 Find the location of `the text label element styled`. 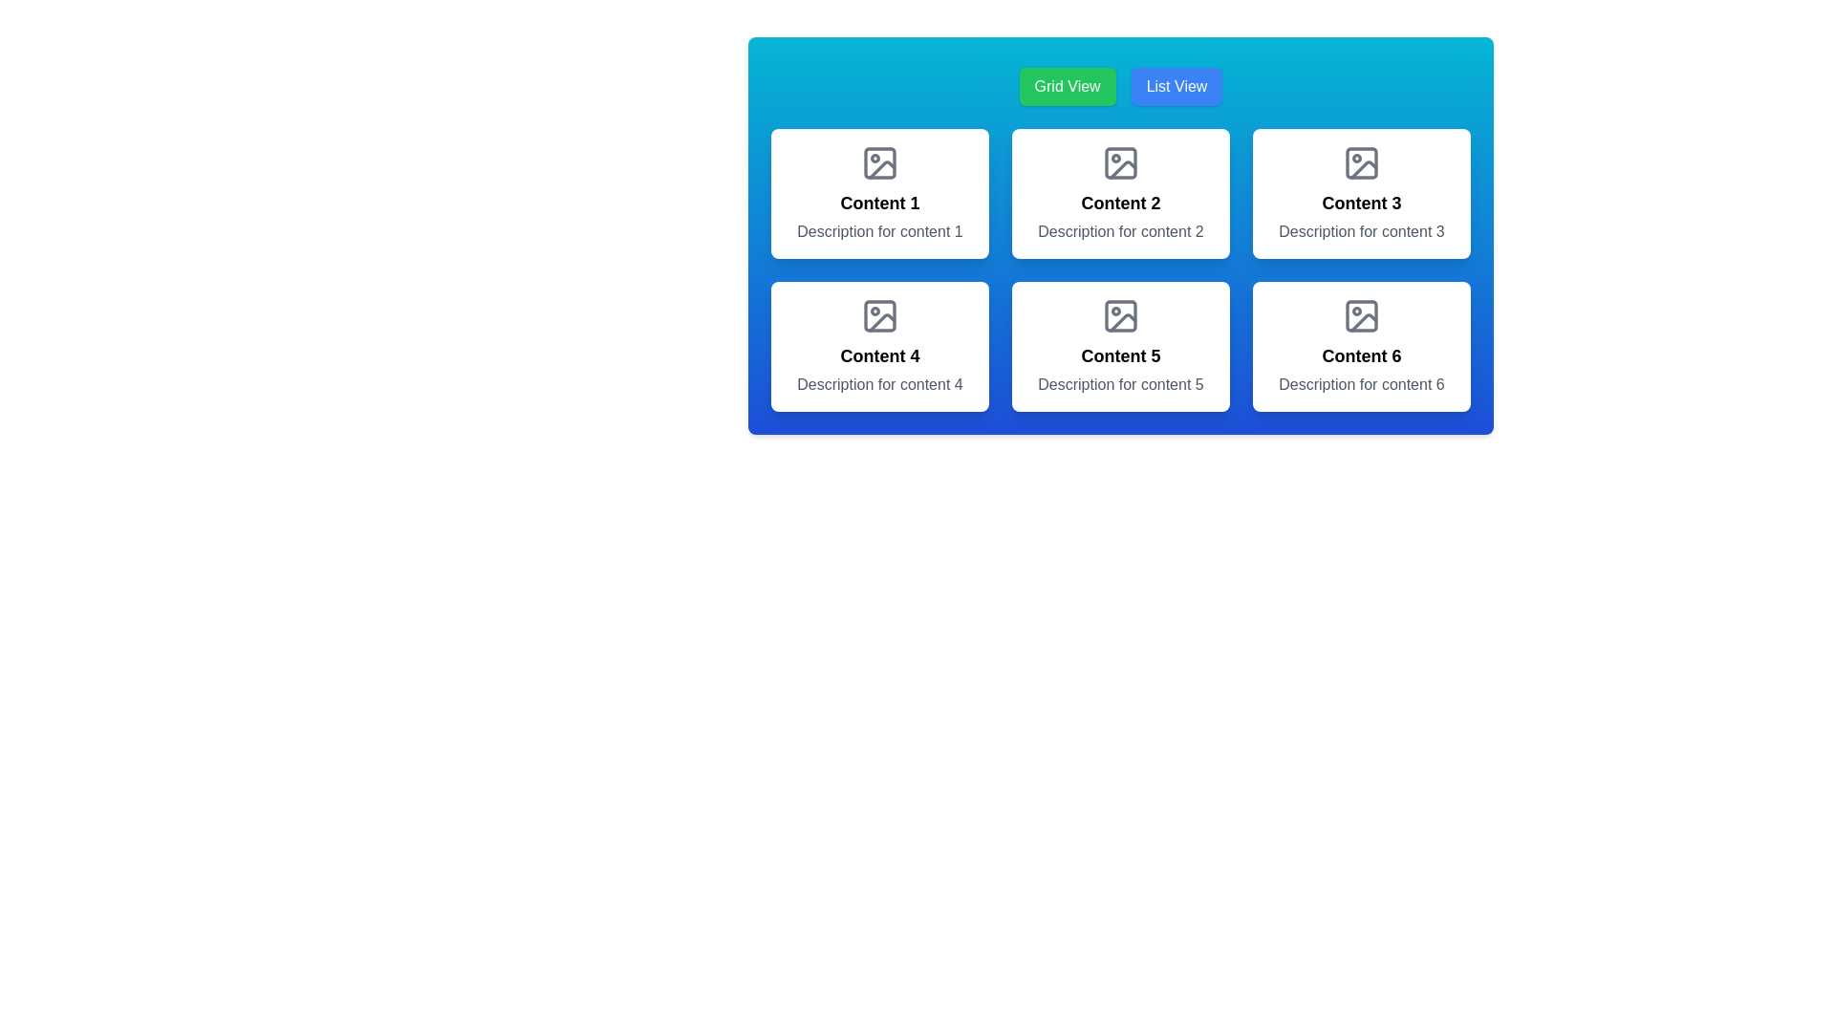

the text label element styled is located at coordinates (1361, 356).